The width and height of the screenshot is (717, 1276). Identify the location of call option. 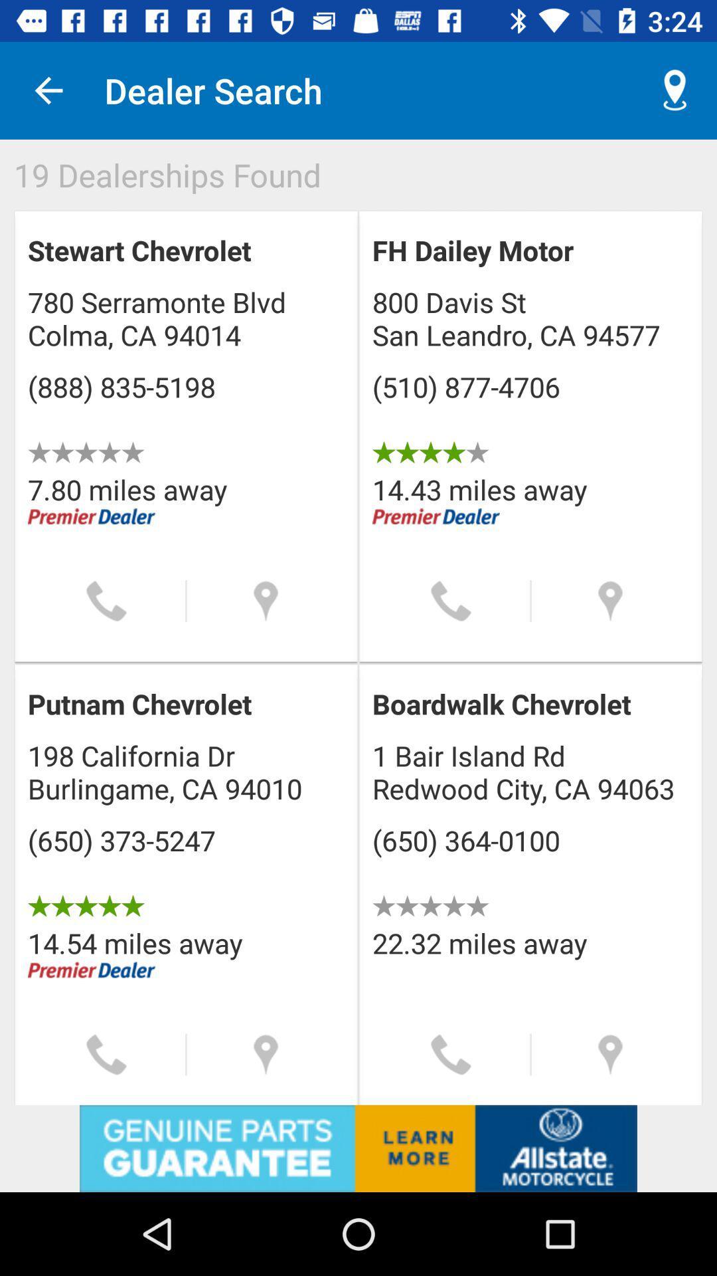
(106, 600).